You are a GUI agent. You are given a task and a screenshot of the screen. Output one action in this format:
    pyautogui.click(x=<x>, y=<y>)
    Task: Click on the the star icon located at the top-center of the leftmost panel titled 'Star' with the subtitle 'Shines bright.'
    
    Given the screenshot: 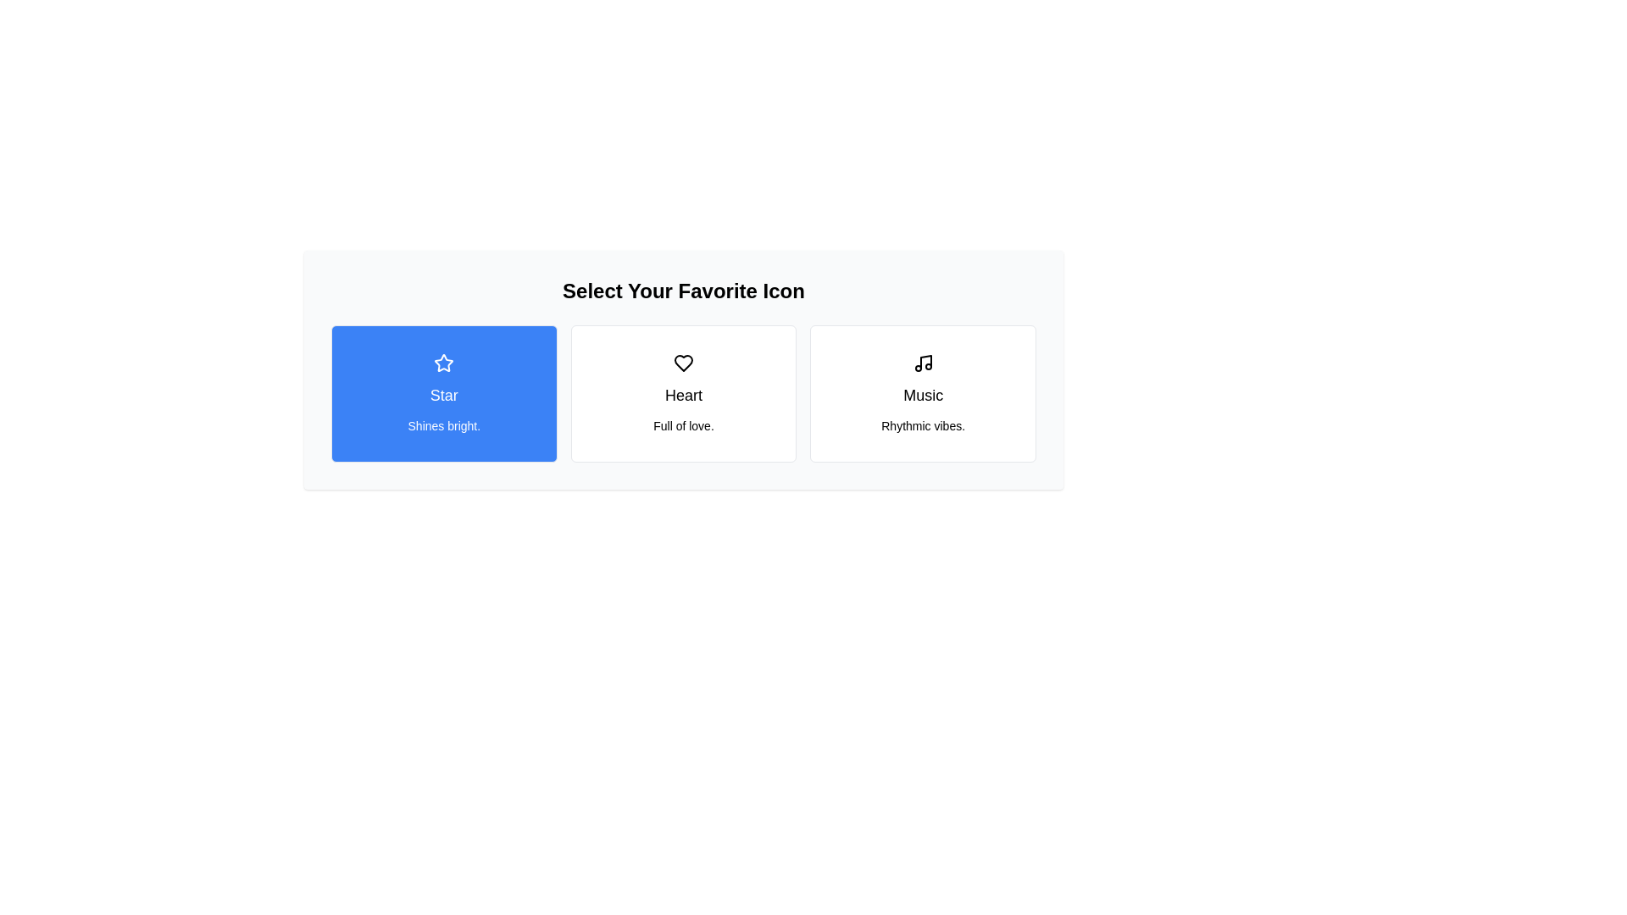 What is the action you would take?
    pyautogui.click(x=444, y=362)
    